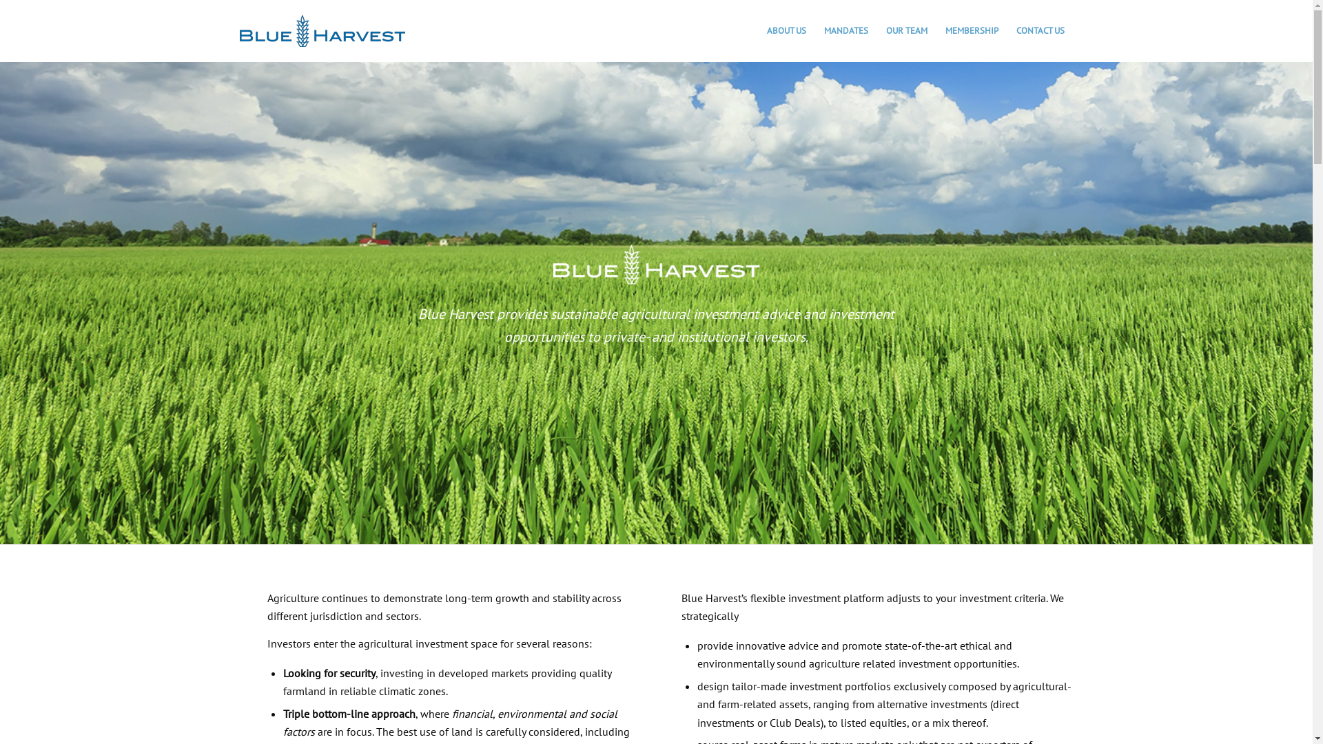  What do you see at coordinates (970, 31) in the screenshot?
I see `'MEMBERSHIP'` at bounding box center [970, 31].